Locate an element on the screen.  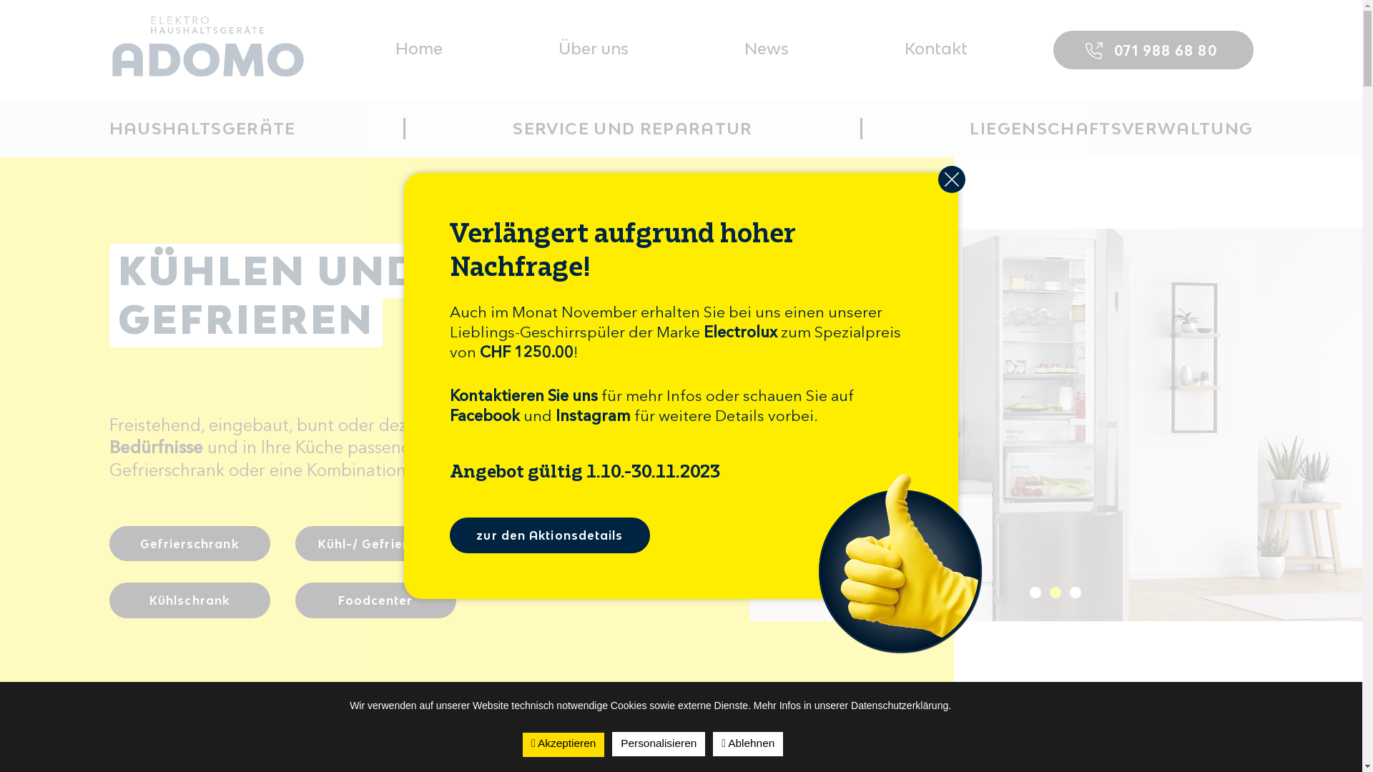
'Kontakt' is located at coordinates (935, 48).